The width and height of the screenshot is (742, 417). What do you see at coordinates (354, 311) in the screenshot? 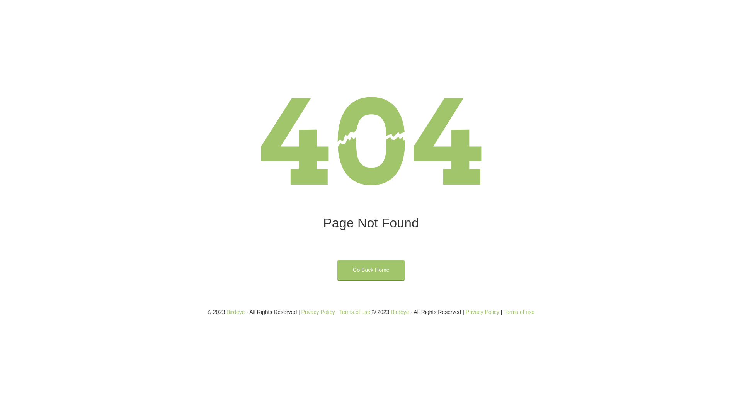
I see `'Terms of use'` at bounding box center [354, 311].